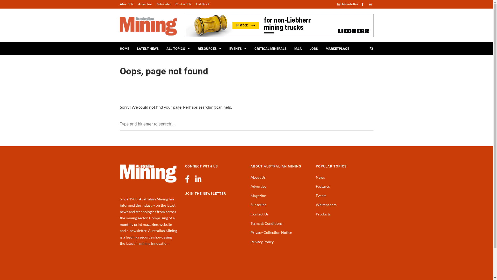 Image resolution: width=497 pixels, height=280 pixels. What do you see at coordinates (148, 49) in the screenshot?
I see `'LATEST NEWS'` at bounding box center [148, 49].